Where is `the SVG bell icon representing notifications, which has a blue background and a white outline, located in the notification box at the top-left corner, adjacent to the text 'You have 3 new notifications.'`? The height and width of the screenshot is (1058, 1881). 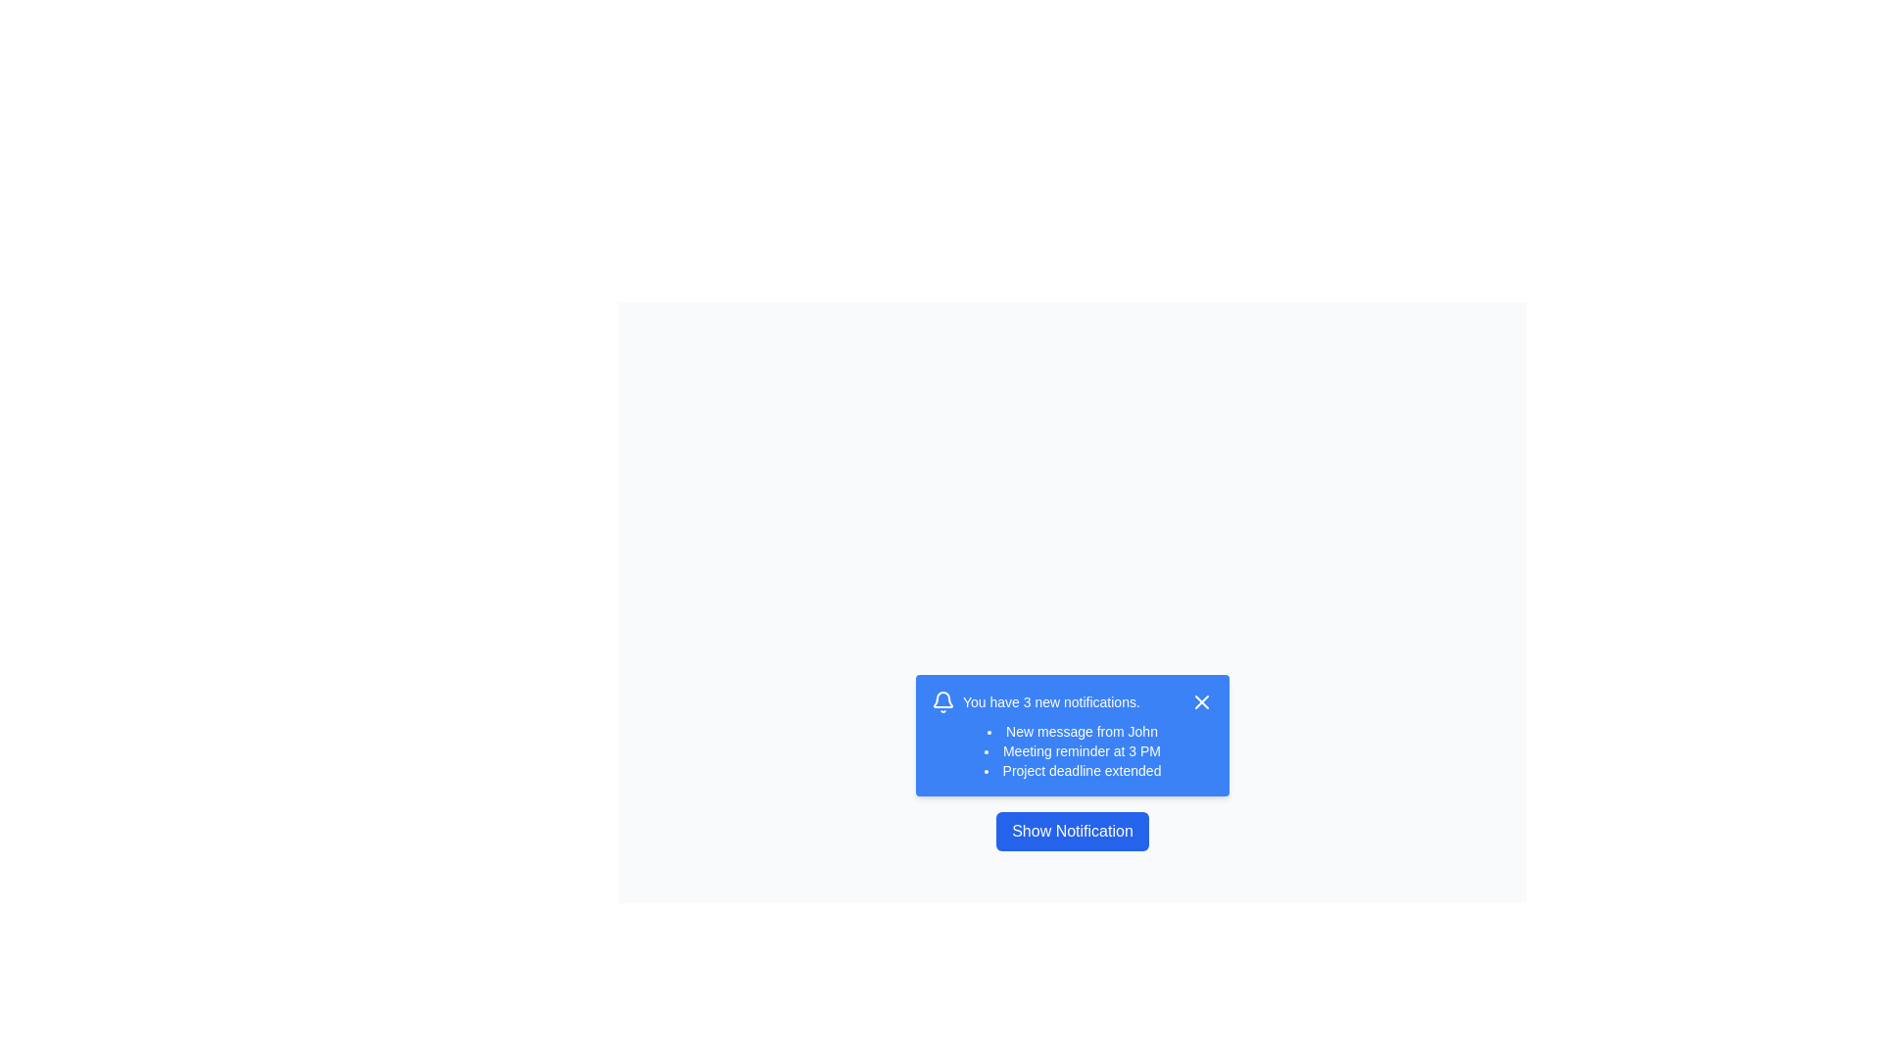 the SVG bell icon representing notifications, which has a blue background and a white outline, located in the notification box at the top-left corner, adjacent to the text 'You have 3 new notifications.' is located at coordinates (943, 701).